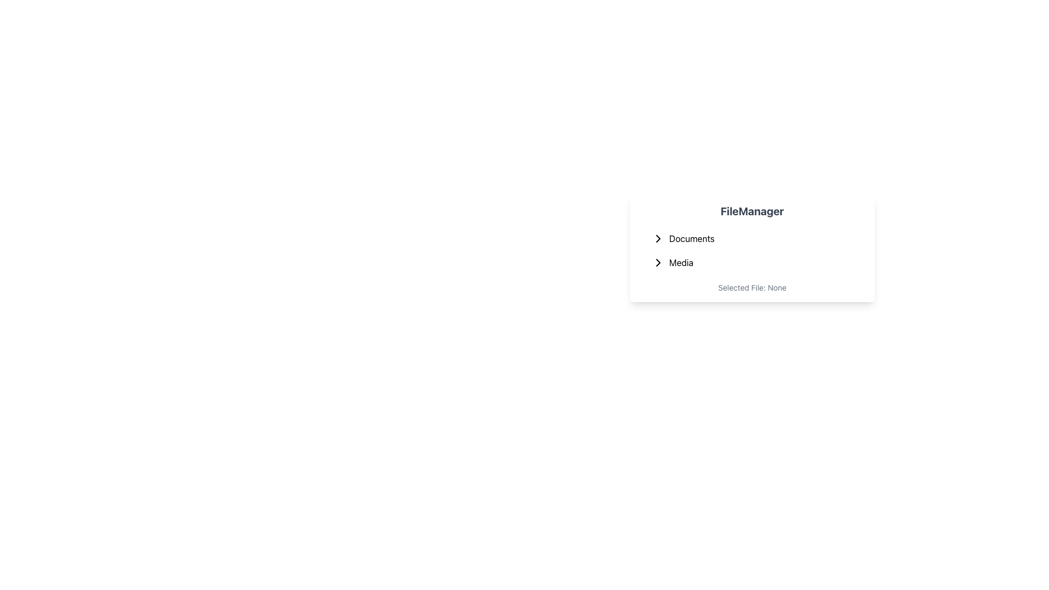  What do you see at coordinates (681, 263) in the screenshot?
I see `the text label displaying 'Media' in bold within the 'FileManager' dropdown menu` at bounding box center [681, 263].